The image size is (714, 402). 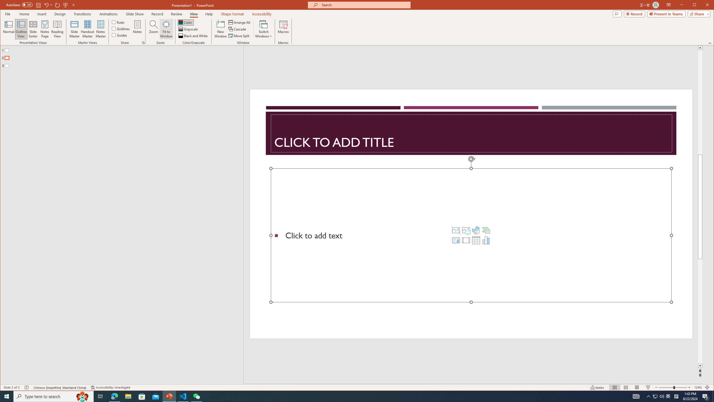 What do you see at coordinates (476, 240) in the screenshot?
I see `'Insert Table'` at bounding box center [476, 240].